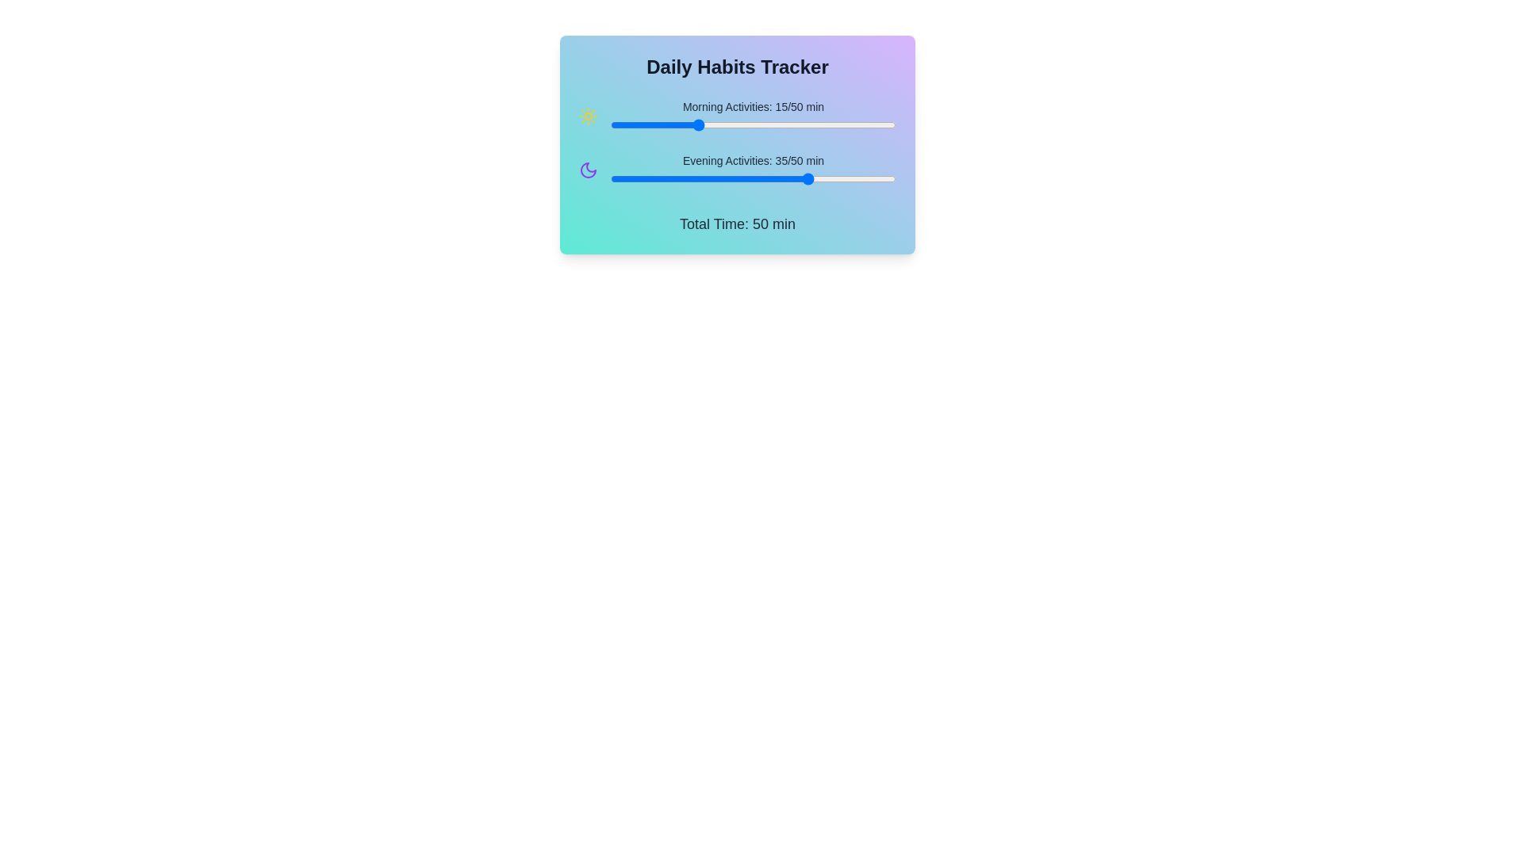  What do you see at coordinates (753, 161) in the screenshot?
I see `text label displaying 'Evening Activities: 35/50 min', which is styled in a small, bold font and located in the center-right section above the evening activities progress slider` at bounding box center [753, 161].